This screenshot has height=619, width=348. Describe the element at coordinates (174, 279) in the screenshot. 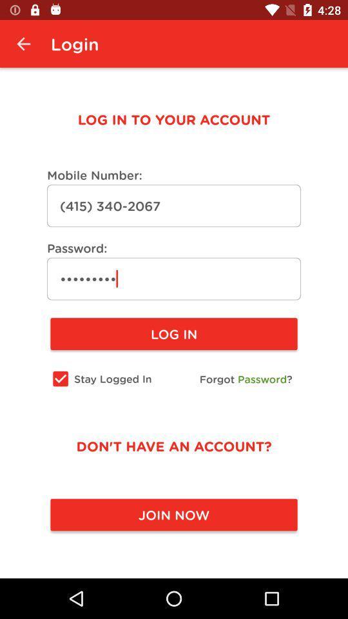

I see `the text field below password` at that location.